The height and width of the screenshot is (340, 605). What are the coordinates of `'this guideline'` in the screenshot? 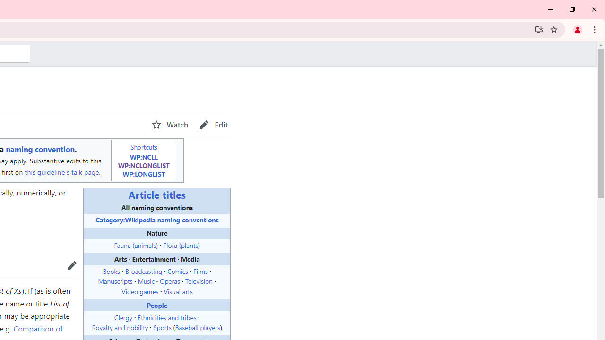 It's located at (61, 172).